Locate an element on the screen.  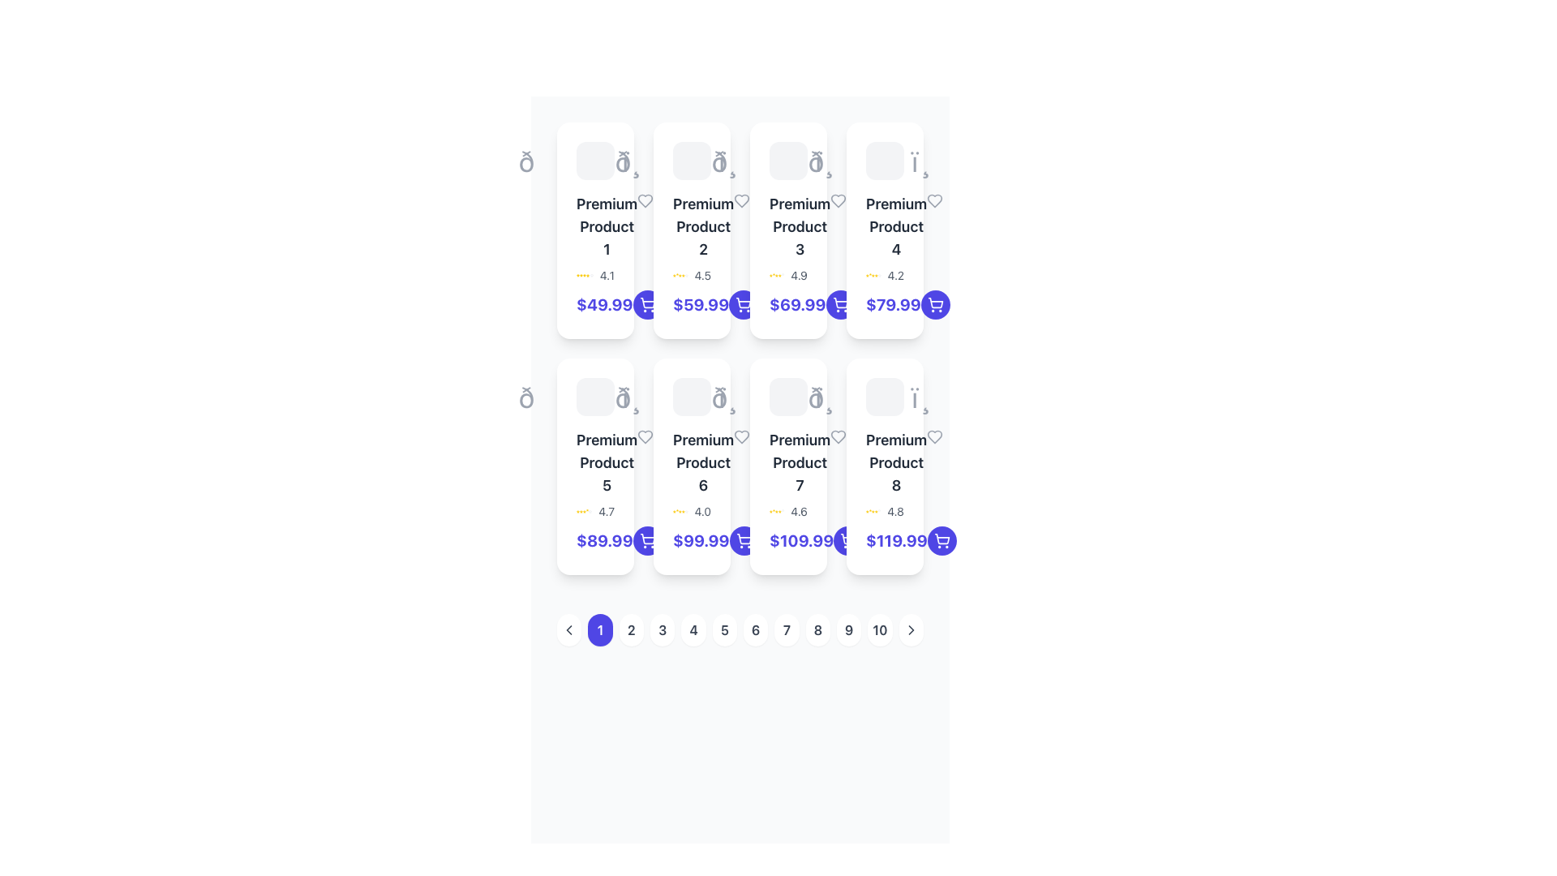
the shopping cart button located at the bottom-right corner of the 'Premium Product 3' card is located at coordinates (840, 304).